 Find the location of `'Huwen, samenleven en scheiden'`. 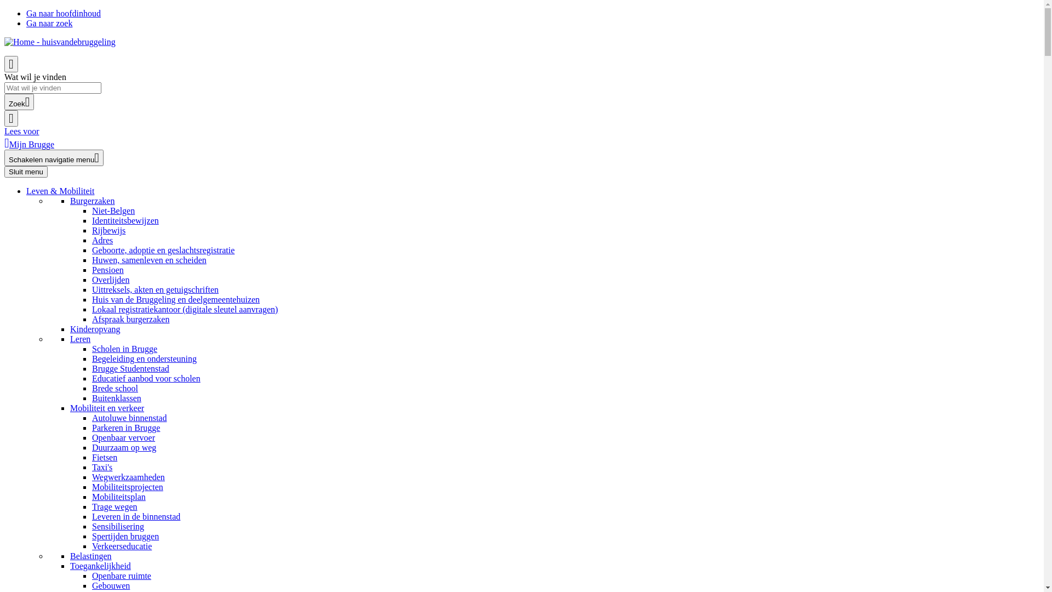

'Huwen, samenleven en scheiden' is located at coordinates (92, 260).